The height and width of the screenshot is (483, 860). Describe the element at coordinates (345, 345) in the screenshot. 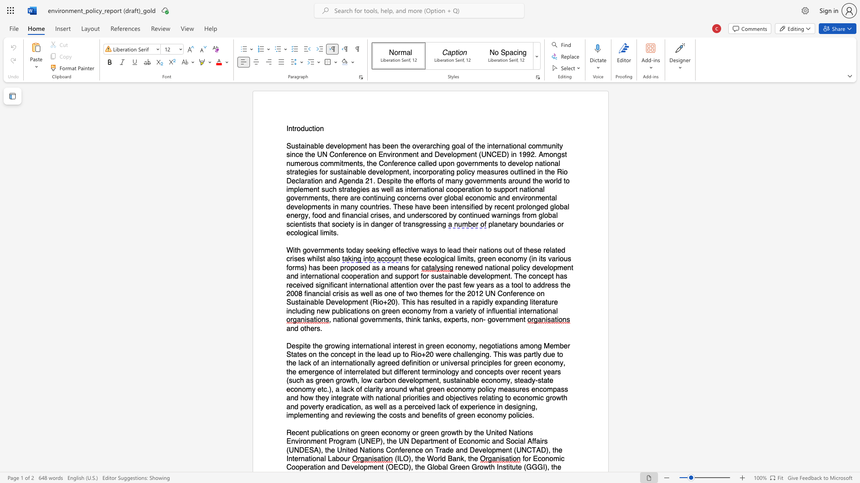

I see `the subset text "g international interest in green economy, negotiations among Member States on the concept in the lead up to Rio" within the text "Despite the growing international interest in green economy, negotiations among Member States on the concept in the lead up to Rio+20 were challenging. This was partly due to the lack of an internationally agreed definition or universal principles for green economy, the emergence of interrelated but different terminology and concepts over recent years (such as green growth, low carbon development, sustainable economy, steady‐state economy etc.), a lack of clarity around what green economy policy measures encompass and how they integrate with national priorities and objectives relating to economic growth and poverty eradication, as well as a perceived lack of experience in designing, implementing and reviewing the costs and benefits of green economy policies."` at that location.